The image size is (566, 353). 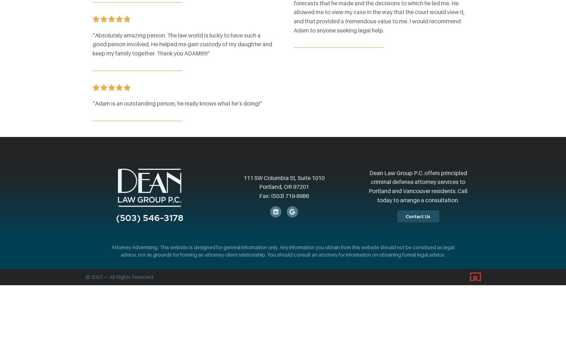 I want to click on 'Fax: (503) 719-8986', so click(x=284, y=196).